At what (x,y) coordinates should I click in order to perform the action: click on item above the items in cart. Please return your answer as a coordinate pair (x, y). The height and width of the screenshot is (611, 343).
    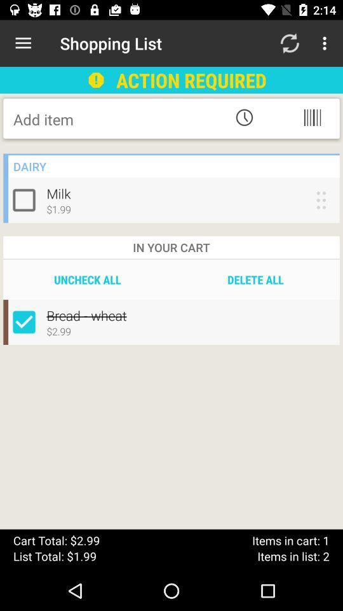
    Looking at the image, I should click on (255, 279).